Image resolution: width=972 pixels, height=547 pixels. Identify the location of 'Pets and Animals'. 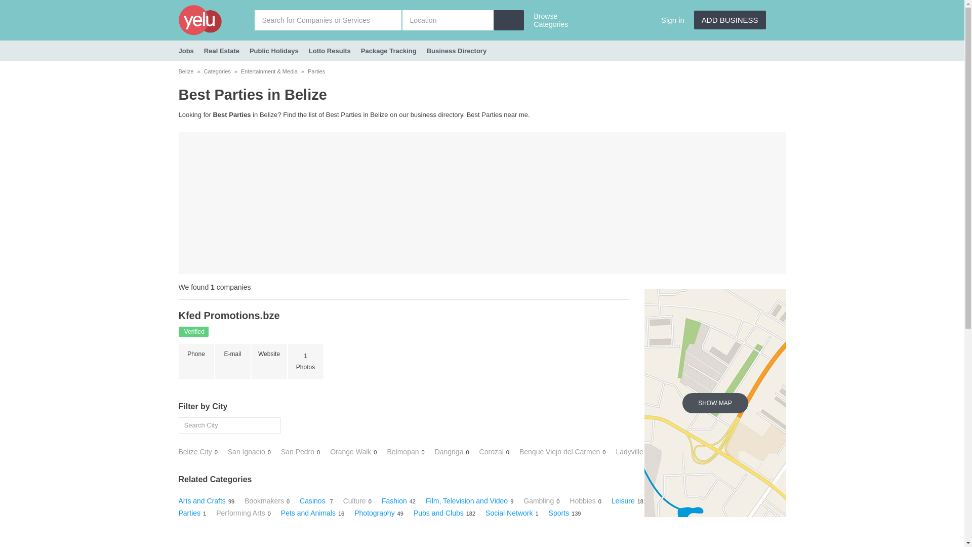
(281, 513).